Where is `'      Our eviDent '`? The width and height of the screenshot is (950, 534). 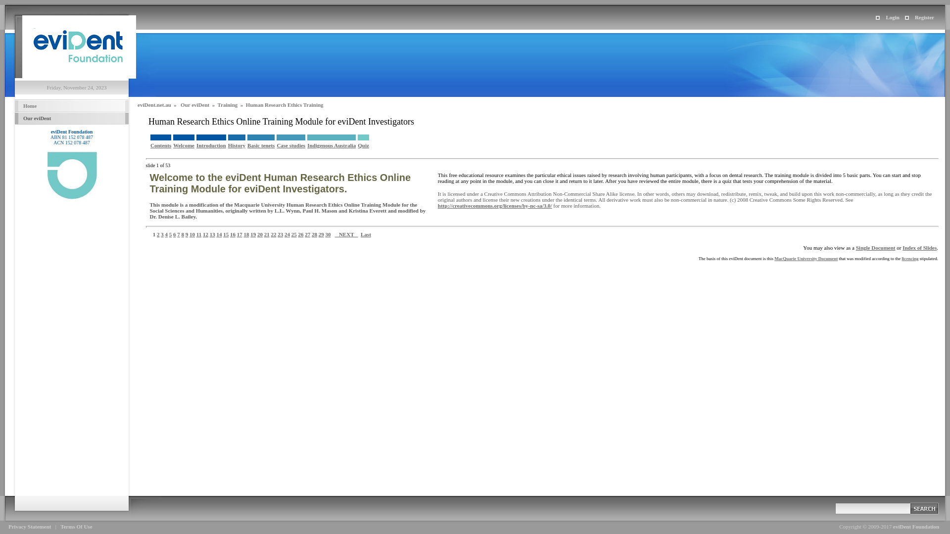 '      Our eviDent ' is located at coordinates (71, 118).